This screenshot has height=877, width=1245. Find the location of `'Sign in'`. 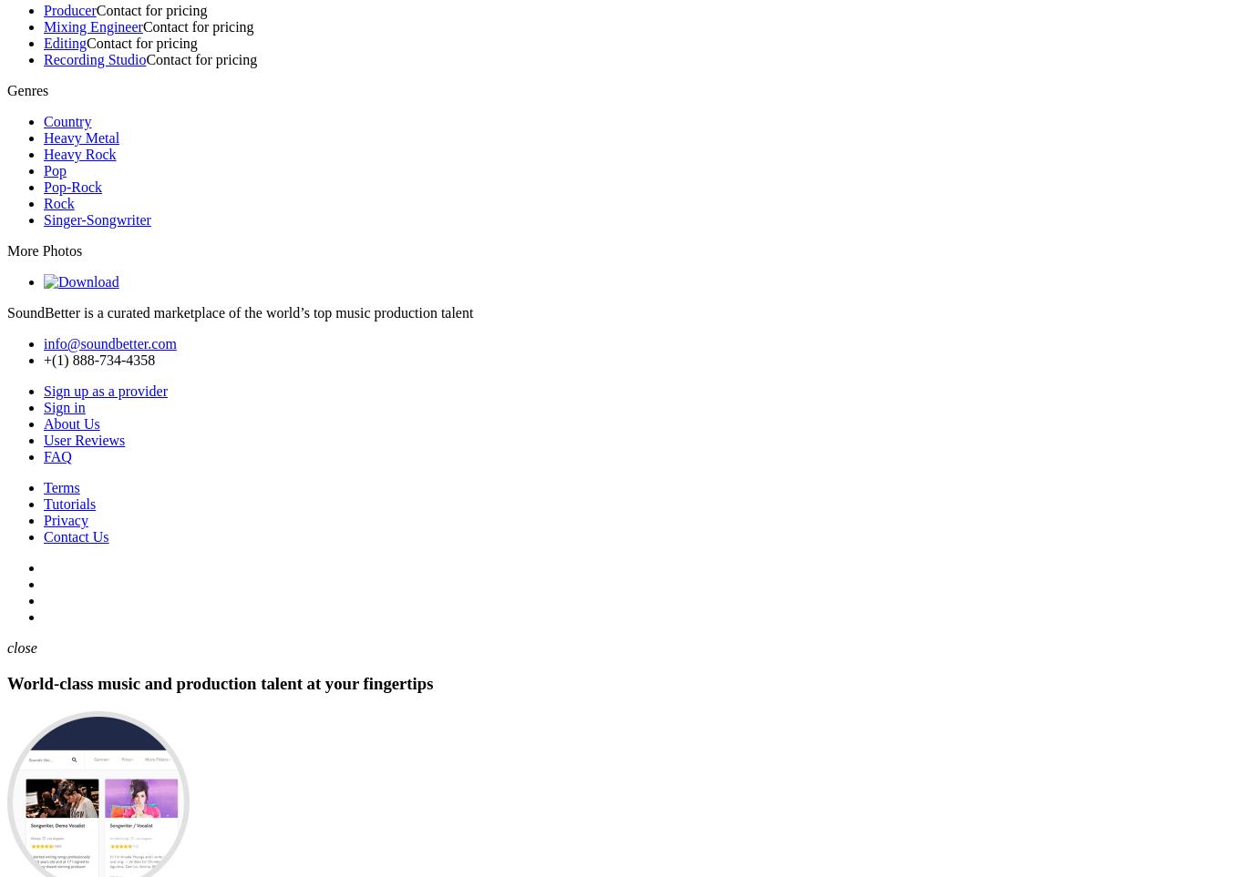

'Sign in' is located at coordinates (64, 406).